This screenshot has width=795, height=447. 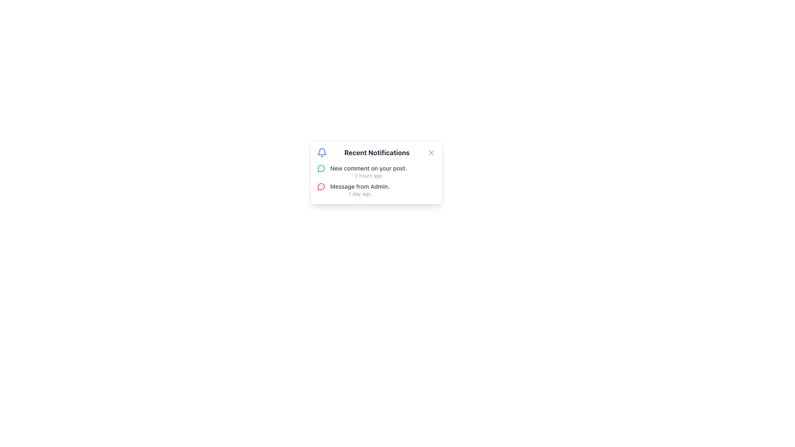 I want to click on text notification that says 'New comment on your post.' positioned at the top-left section of the notification panel, so click(x=368, y=168).